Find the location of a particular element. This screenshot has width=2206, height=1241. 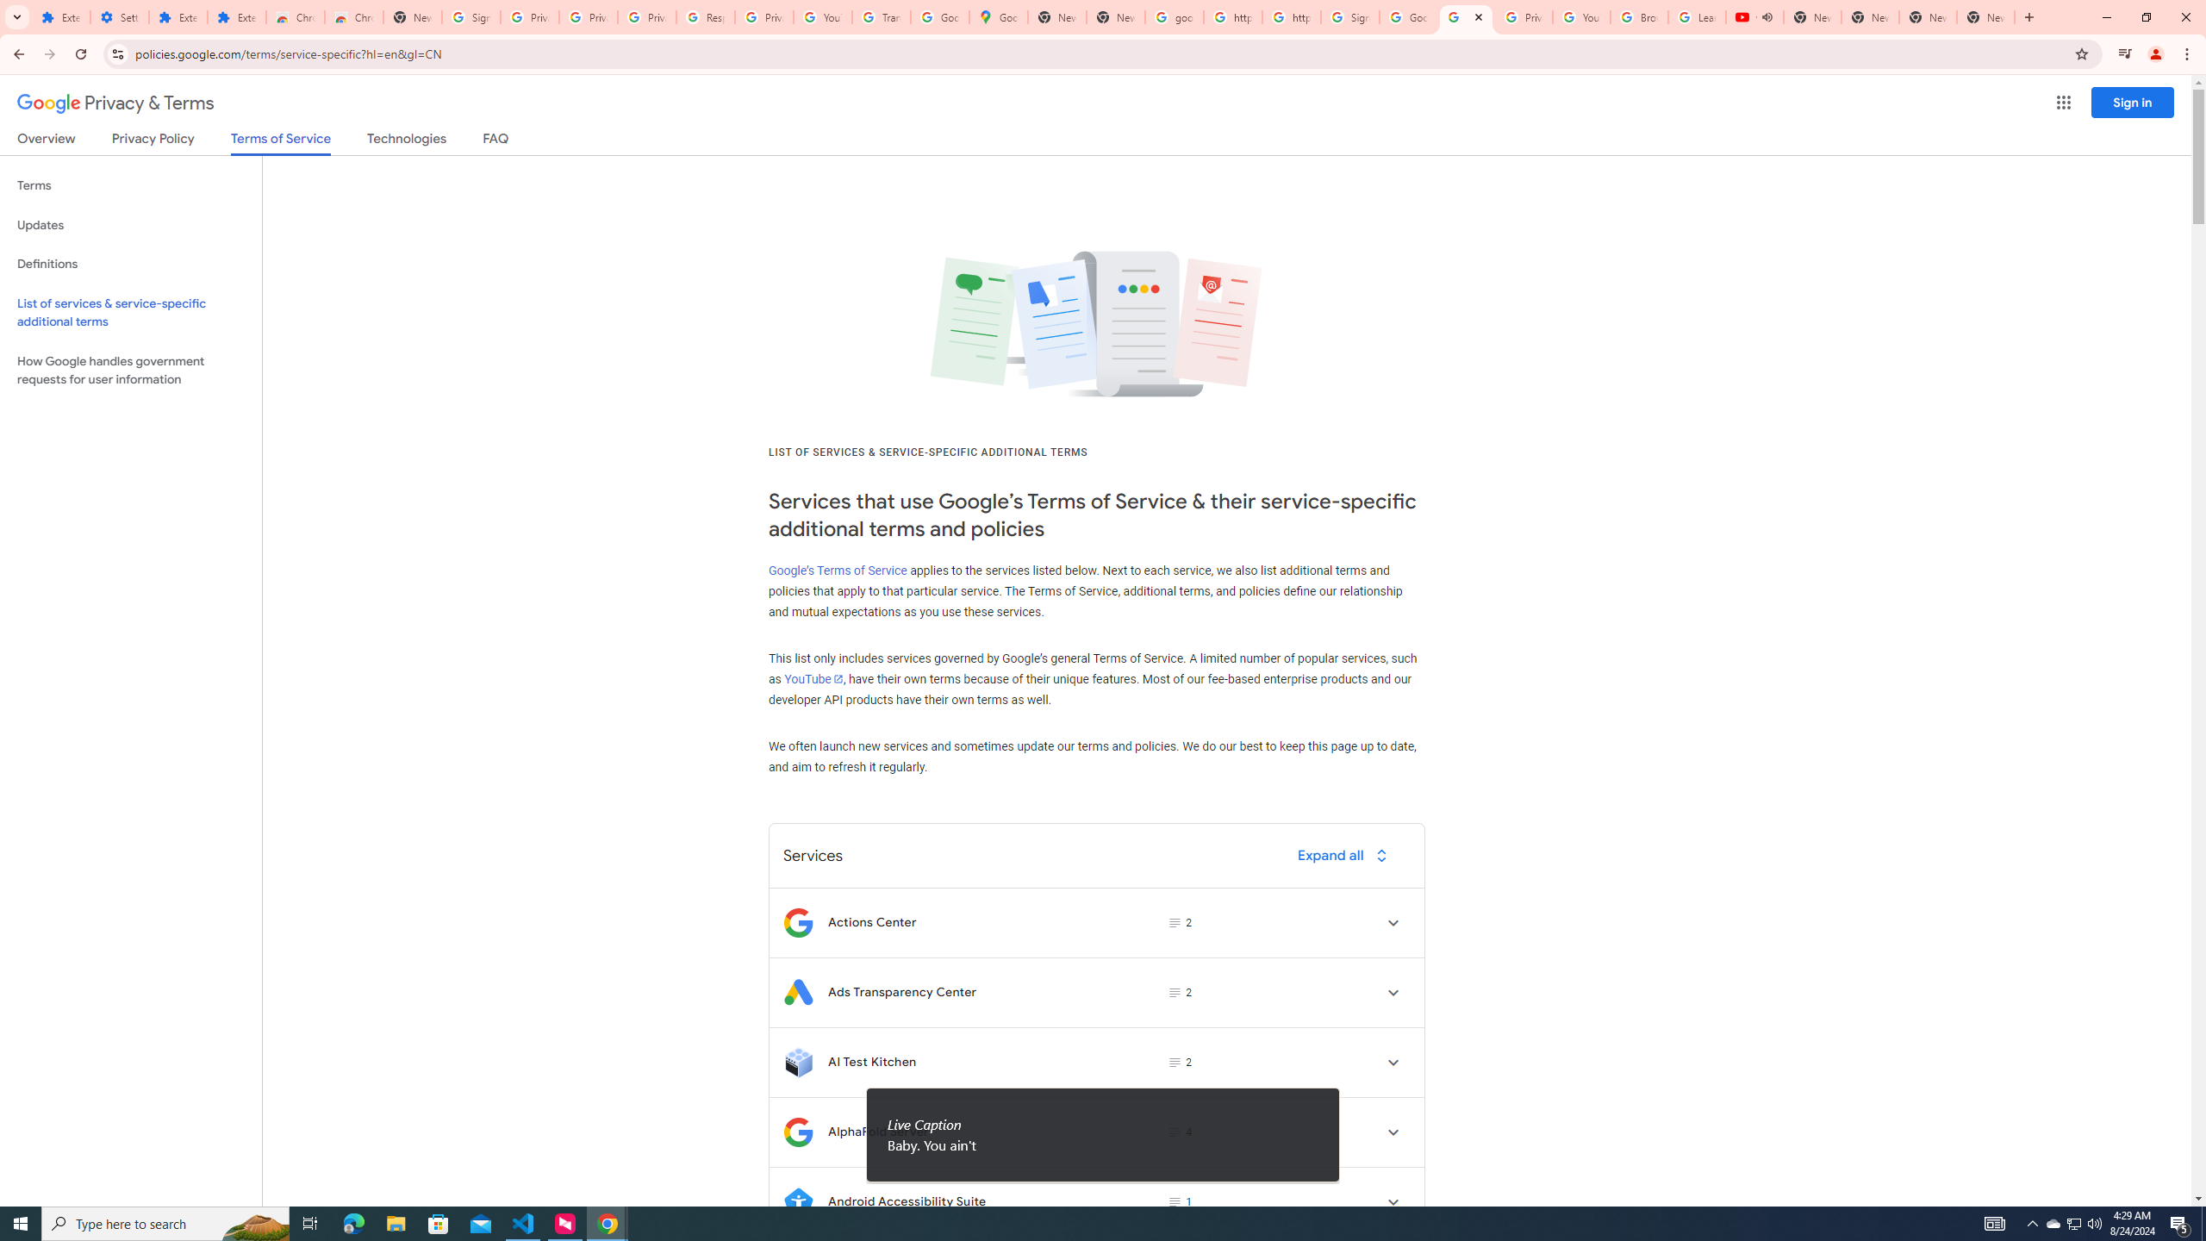

'Logo for Actions Center' is located at coordinates (797, 921).